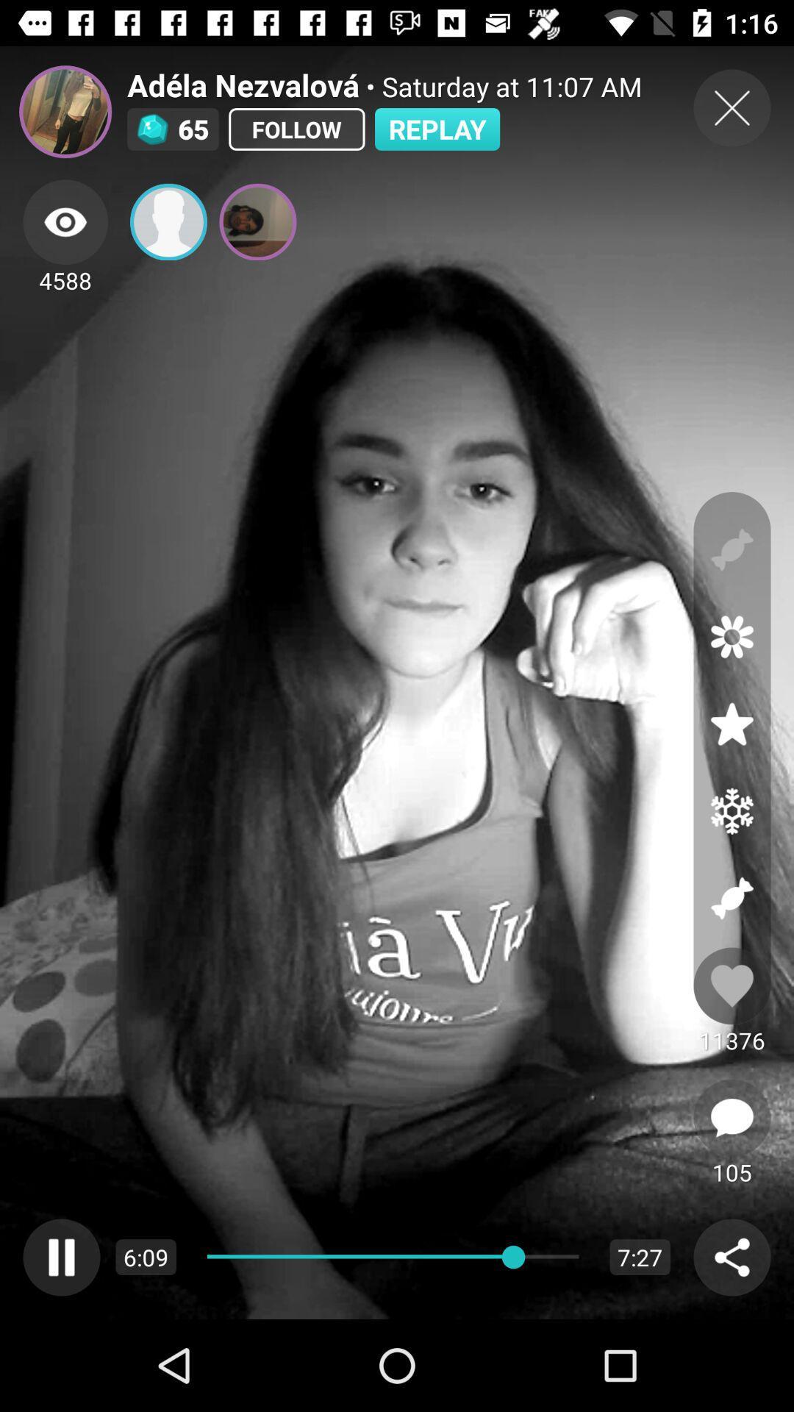 The width and height of the screenshot is (794, 1412). I want to click on like the video, so click(732, 985).